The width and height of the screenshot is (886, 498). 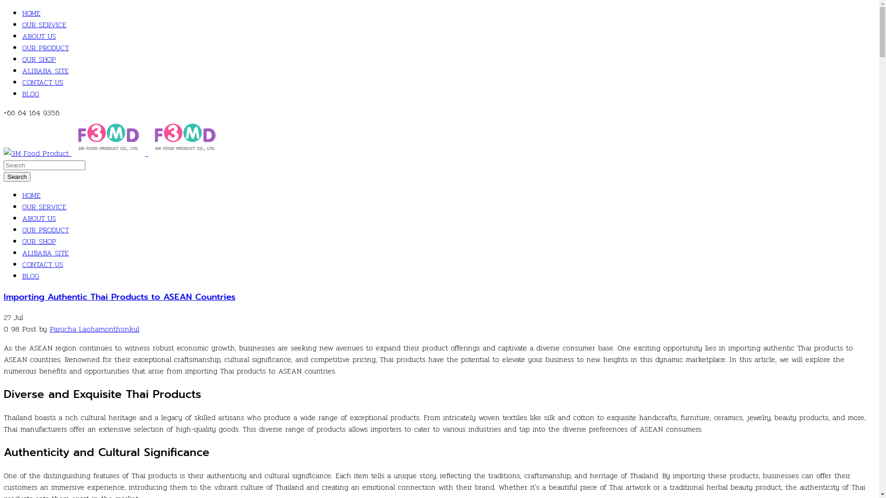 I want to click on 'ABOUT US', so click(x=22, y=218).